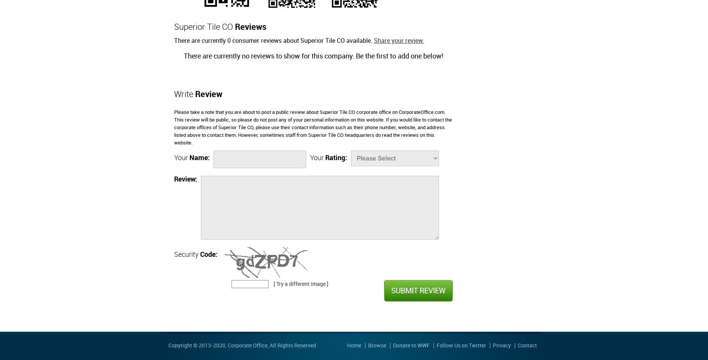 The height and width of the screenshot is (360, 708). I want to click on 'There are currently no reviews to show for this company. Be the first to add one below!', so click(313, 56).